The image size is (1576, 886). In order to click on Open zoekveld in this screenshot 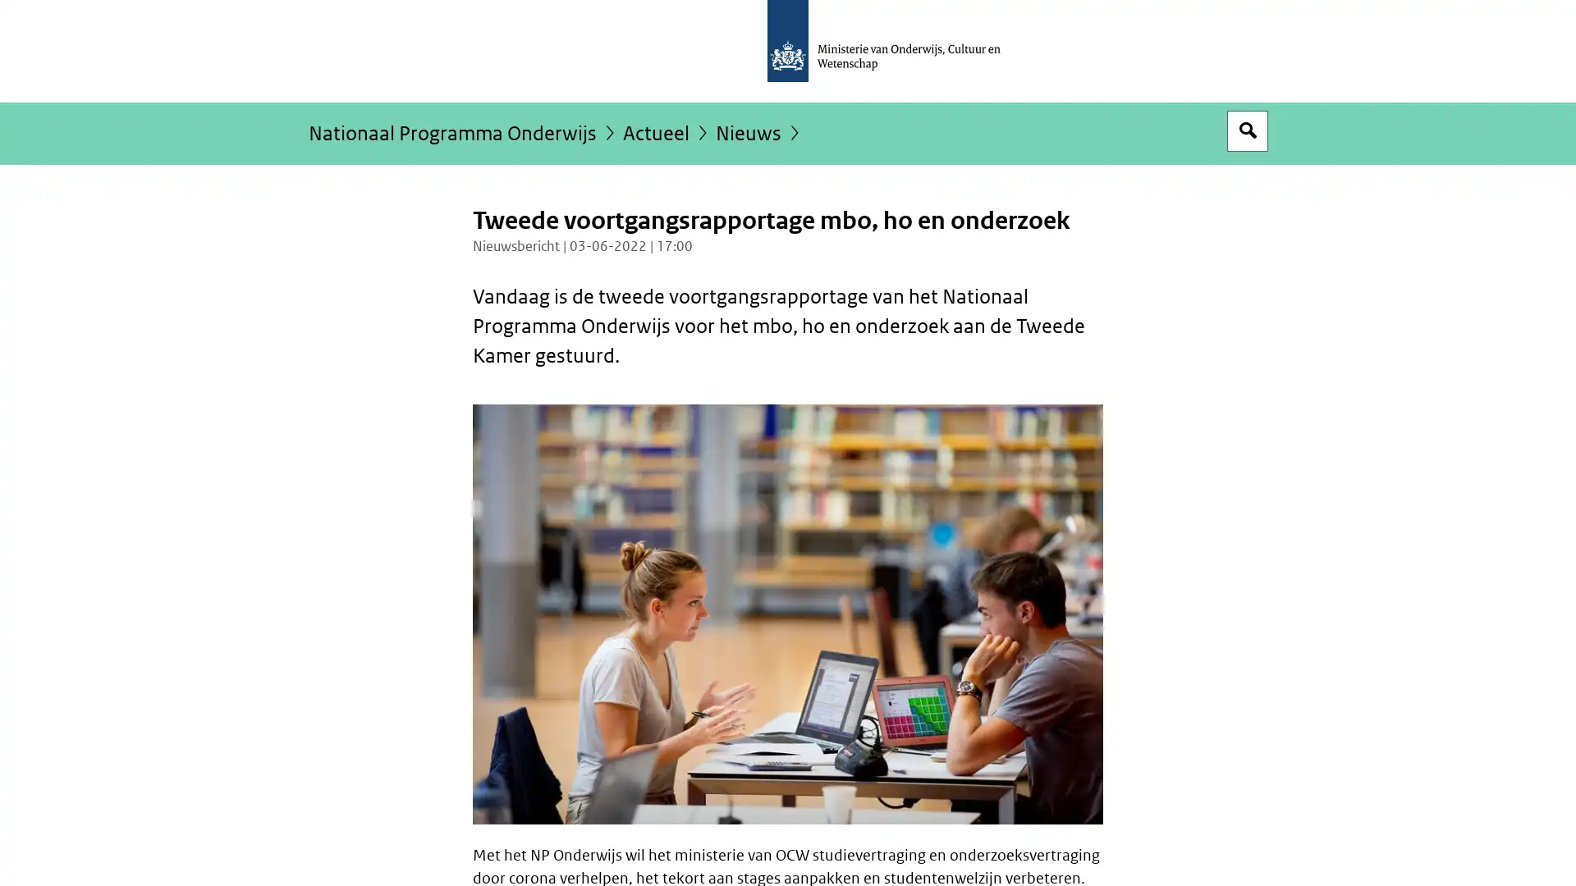, I will do `click(1248, 130)`.